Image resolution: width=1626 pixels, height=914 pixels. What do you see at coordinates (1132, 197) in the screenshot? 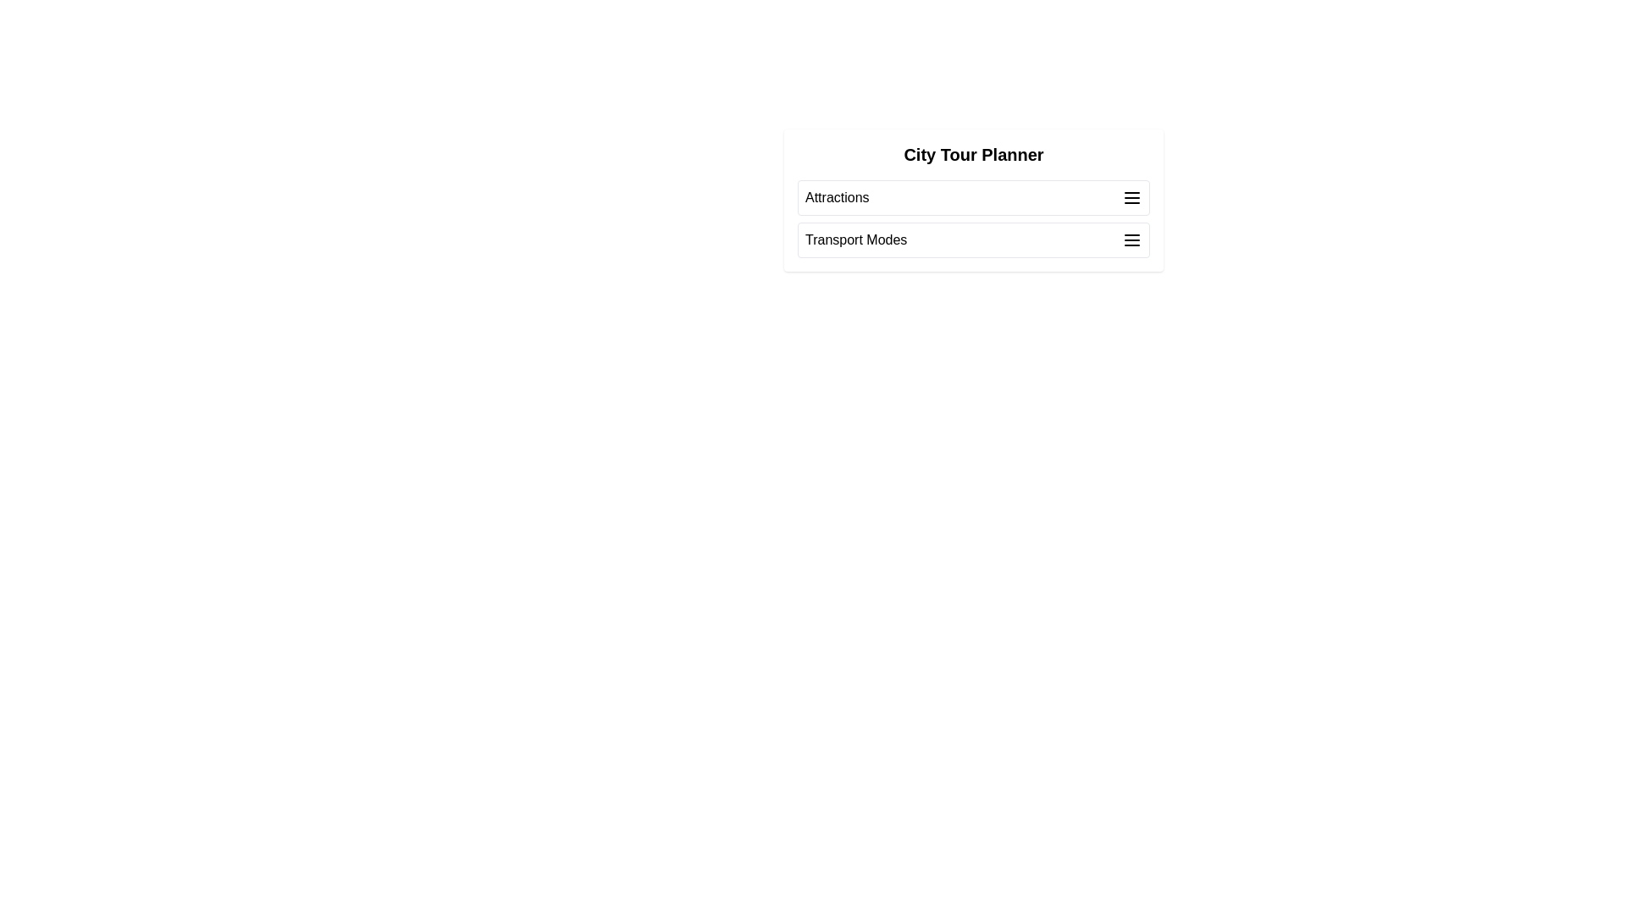
I see `the IconButton located on the far right side of the 'Attractions' row` at bounding box center [1132, 197].